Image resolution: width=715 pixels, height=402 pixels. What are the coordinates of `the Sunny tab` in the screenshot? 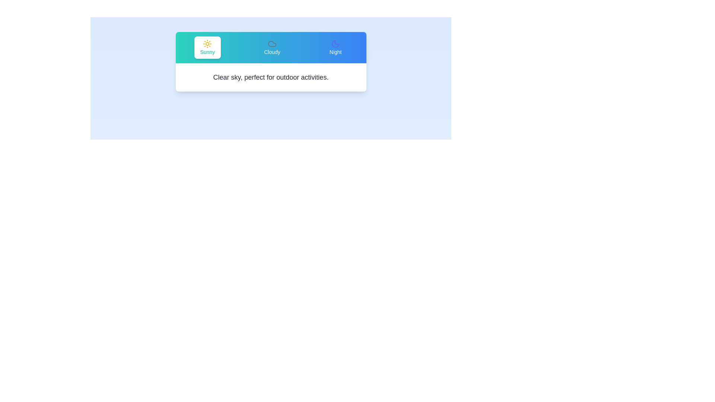 It's located at (207, 47).